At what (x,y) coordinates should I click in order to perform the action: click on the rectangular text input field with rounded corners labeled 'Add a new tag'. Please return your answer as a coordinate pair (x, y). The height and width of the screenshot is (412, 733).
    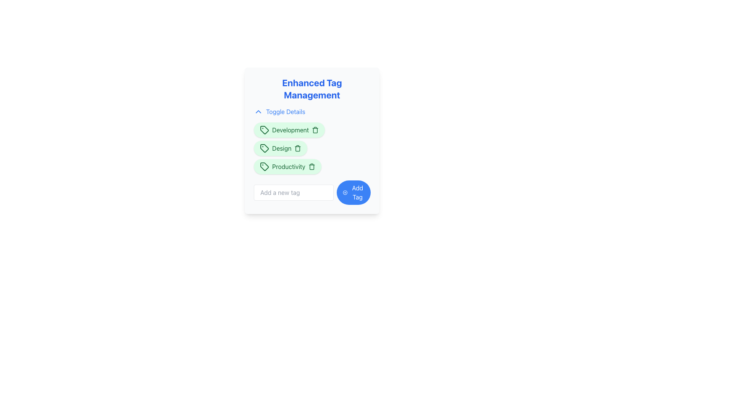
    Looking at the image, I should click on (293, 192).